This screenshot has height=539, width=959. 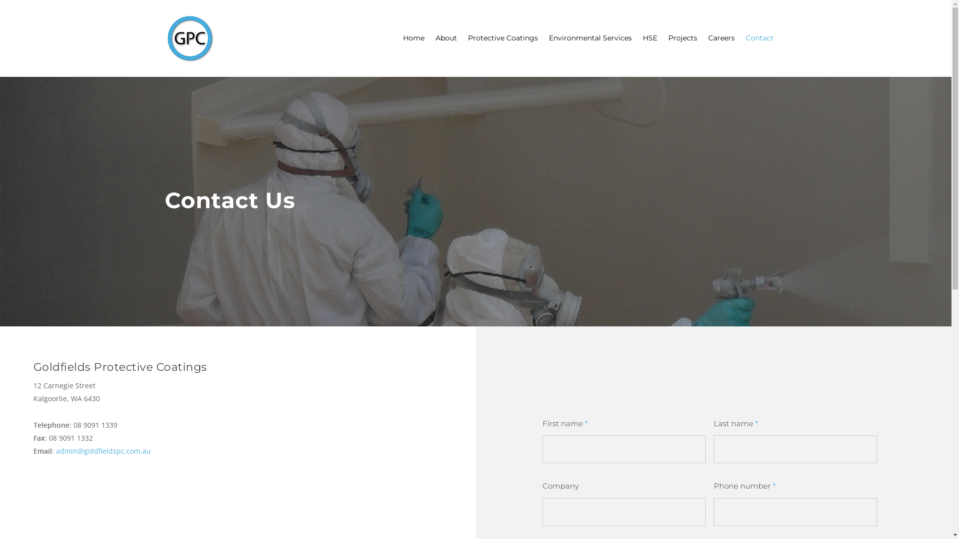 I want to click on 'Environmental Services', so click(x=590, y=45).